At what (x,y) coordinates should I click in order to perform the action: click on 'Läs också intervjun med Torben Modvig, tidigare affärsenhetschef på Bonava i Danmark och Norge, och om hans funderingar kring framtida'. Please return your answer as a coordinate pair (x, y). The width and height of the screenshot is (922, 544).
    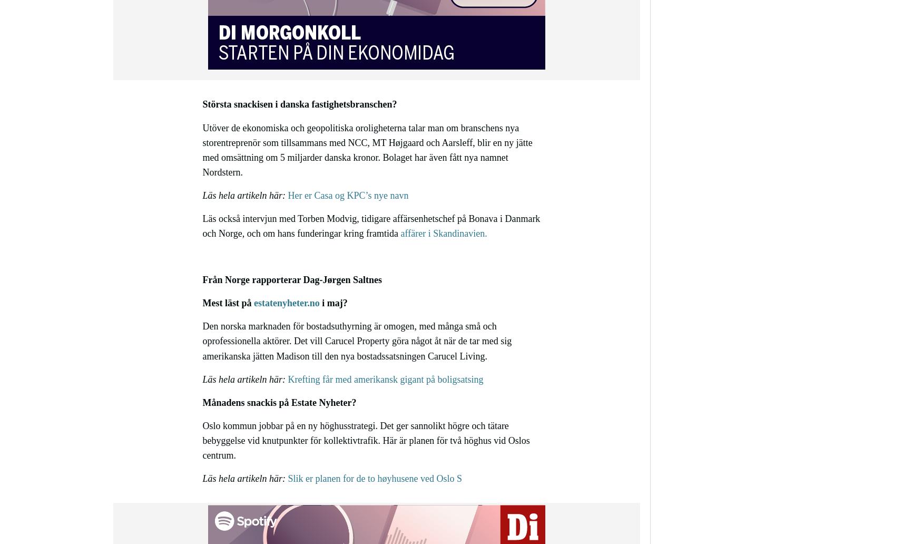
    Looking at the image, I should click on (371, 225).